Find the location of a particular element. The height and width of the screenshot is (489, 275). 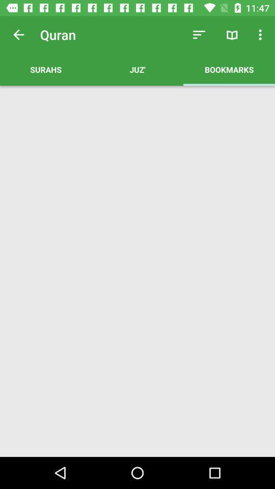

the item to the left of bookmarks item is located at coordinates (137, 69).